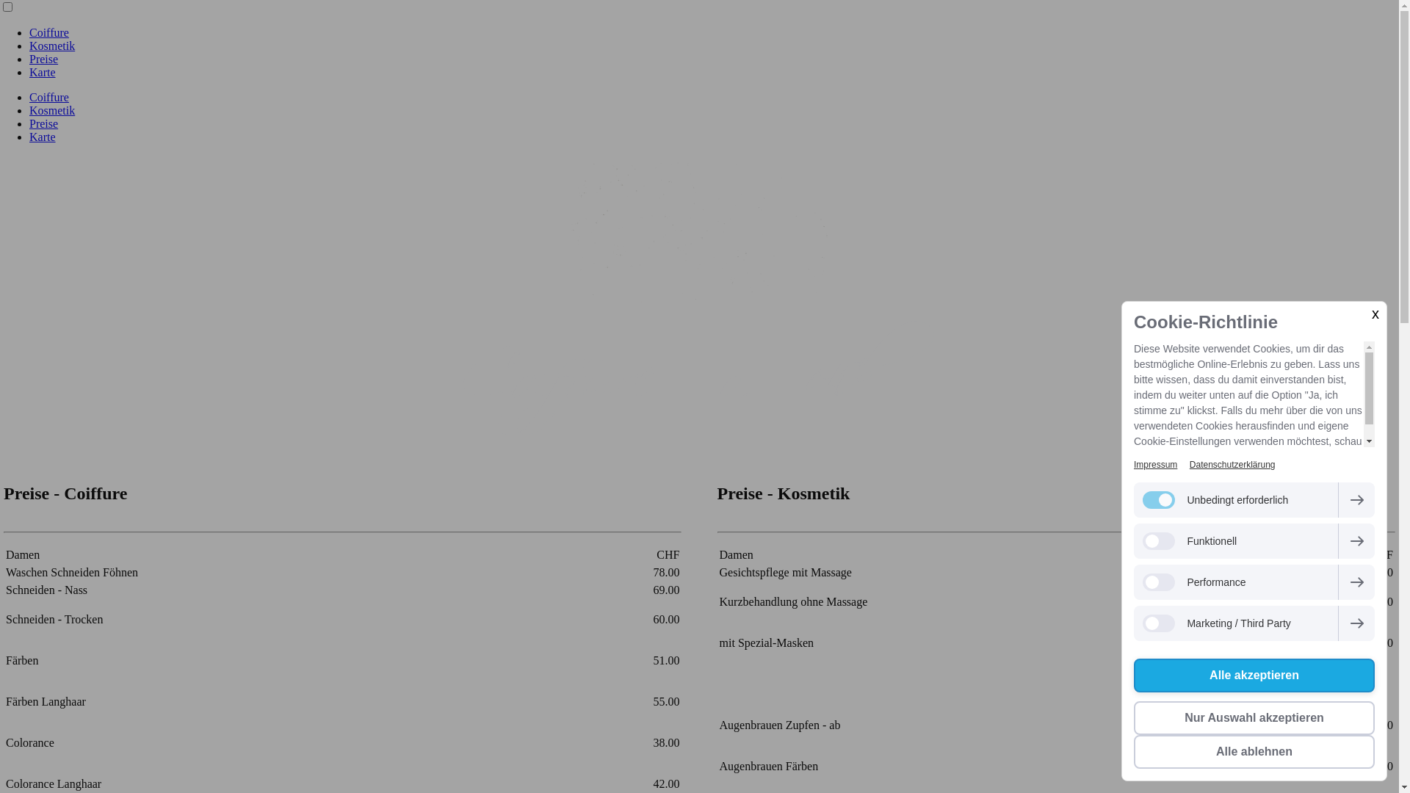  Describe the element at coordinates (1254, 751) in the screenshot. I see `'Alle ablehnen'` at that location.